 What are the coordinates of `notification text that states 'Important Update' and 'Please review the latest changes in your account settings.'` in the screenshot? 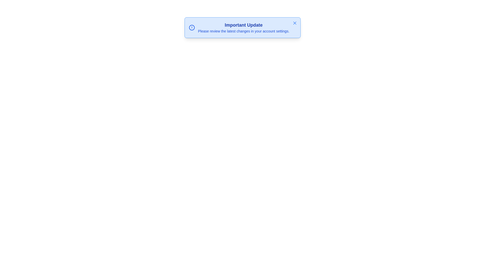 It's located at (243, 27).